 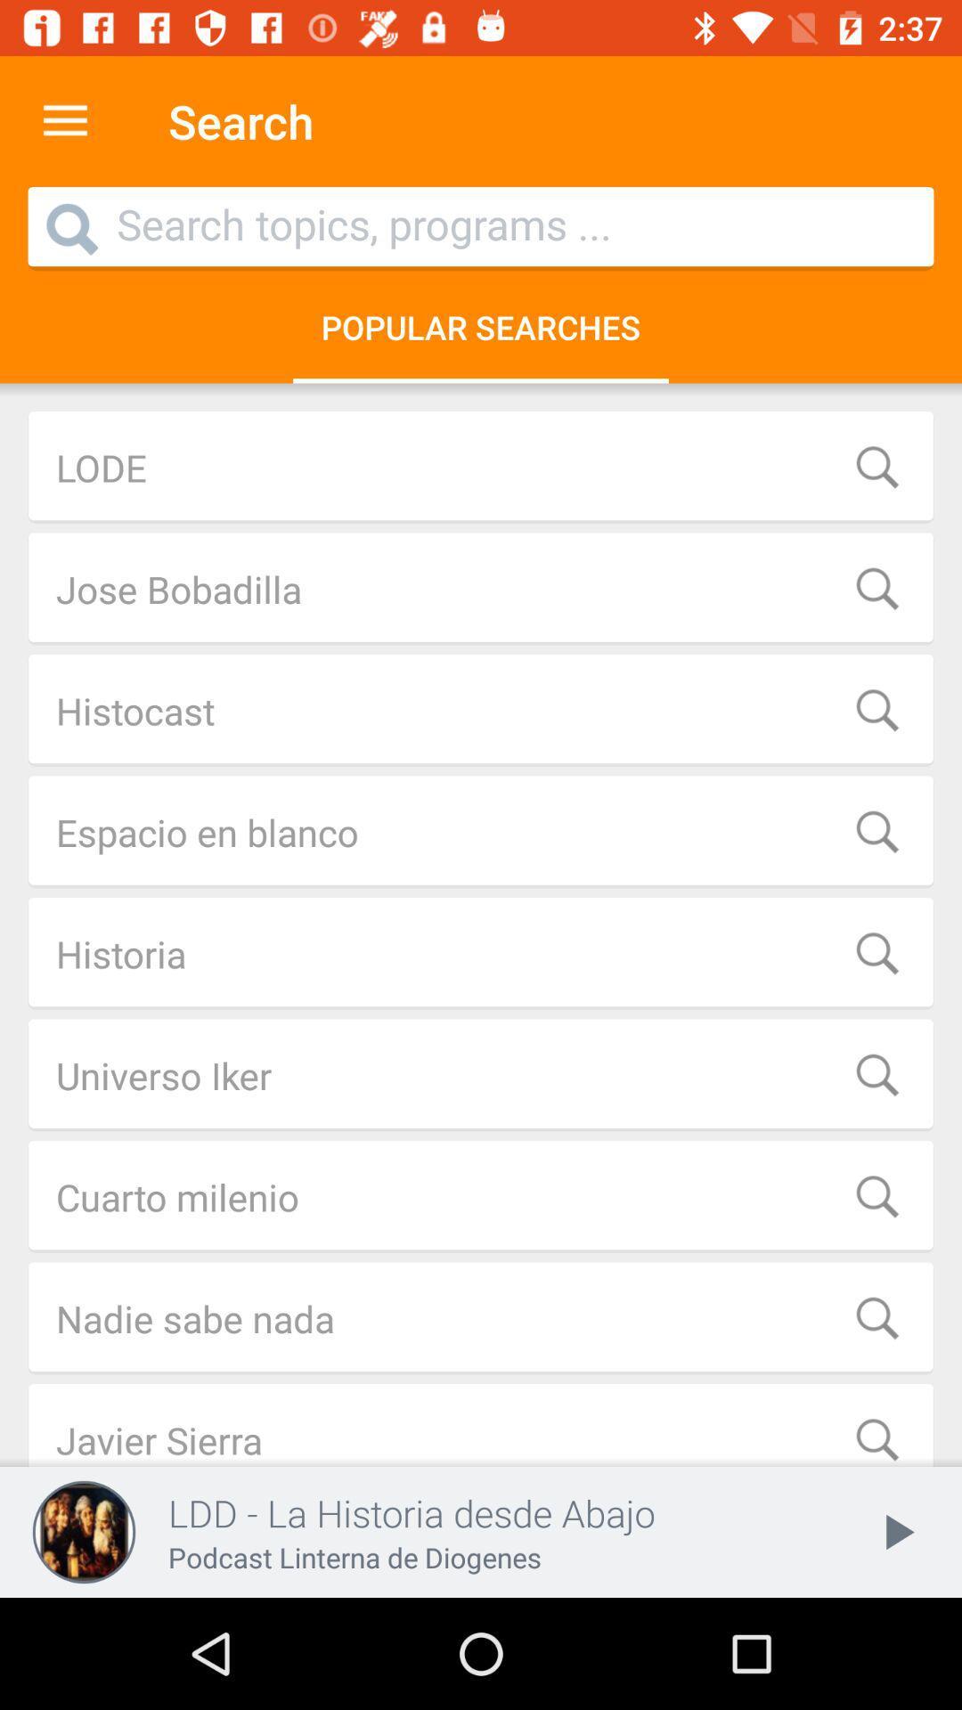 What do you see at coordinates (481, 1197) in the screenshot?
I see `the icon below the universo iker item` at bounding box center [481, 1197].